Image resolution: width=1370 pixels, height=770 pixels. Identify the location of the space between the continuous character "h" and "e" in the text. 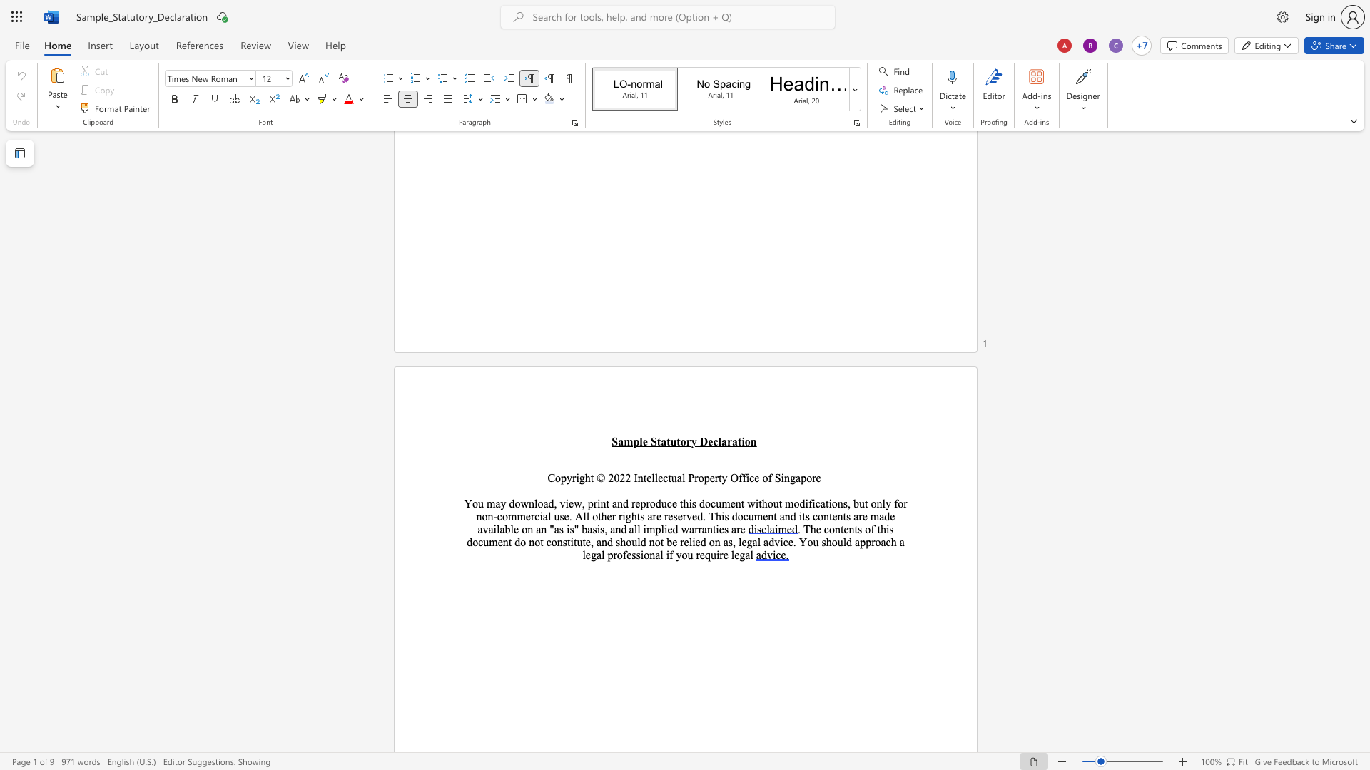
(816, 529).